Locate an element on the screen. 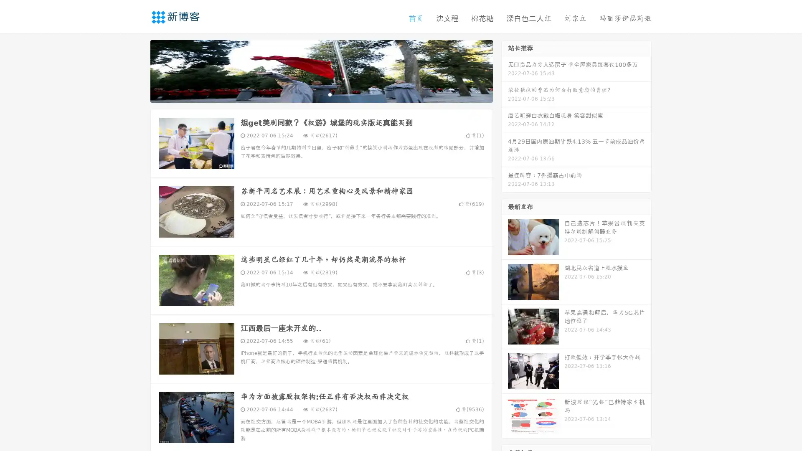  Next slide is located at coordinates (505, 70).